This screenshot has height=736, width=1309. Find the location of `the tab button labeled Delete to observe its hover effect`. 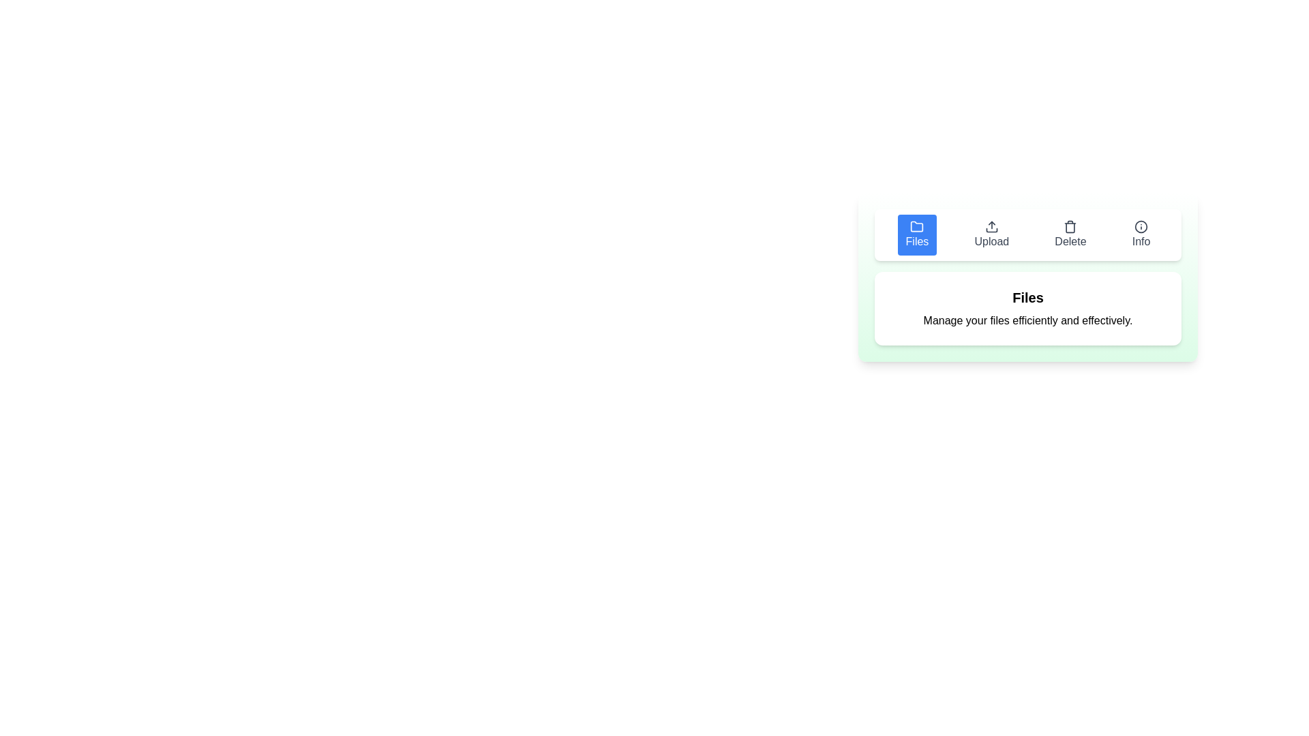

the tab button labeled Delete to observe its hover effect is located at coordinates (1070, 234).